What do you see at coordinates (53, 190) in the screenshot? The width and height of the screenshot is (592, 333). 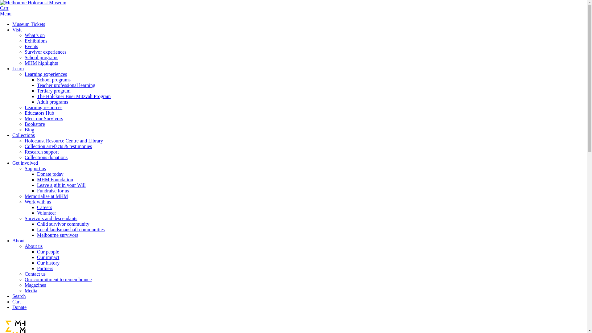 I see `'Fundraise for us'` at bounding box center [53, 190].